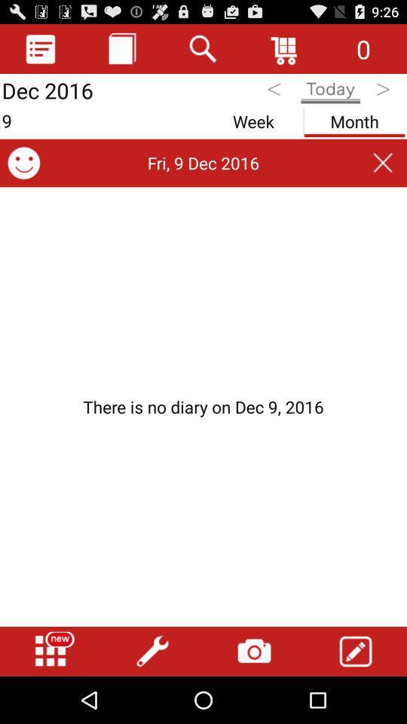 This screenshot has width=407, height=724. Describe the element at coordinates (203, 48) in the screenshot. I see `search` at that location.